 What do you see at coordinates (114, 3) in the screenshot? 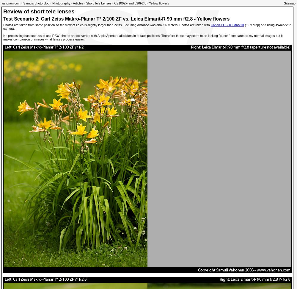
I see `'CZ100ZF and L90F2.8 - Yellow flowers'` at bounding box center [114, 3].